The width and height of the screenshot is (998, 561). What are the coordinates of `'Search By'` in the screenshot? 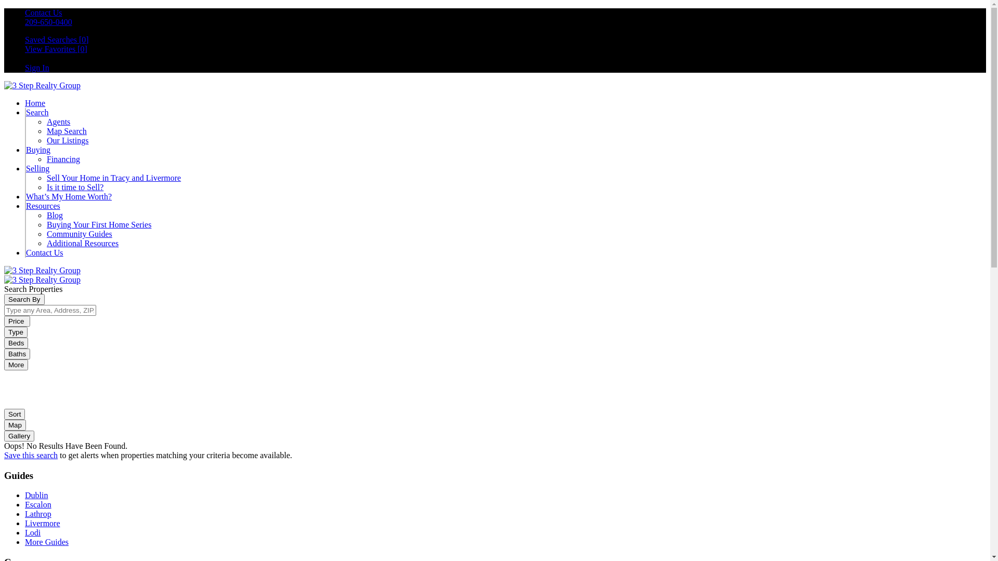 It's located at (24, 299).